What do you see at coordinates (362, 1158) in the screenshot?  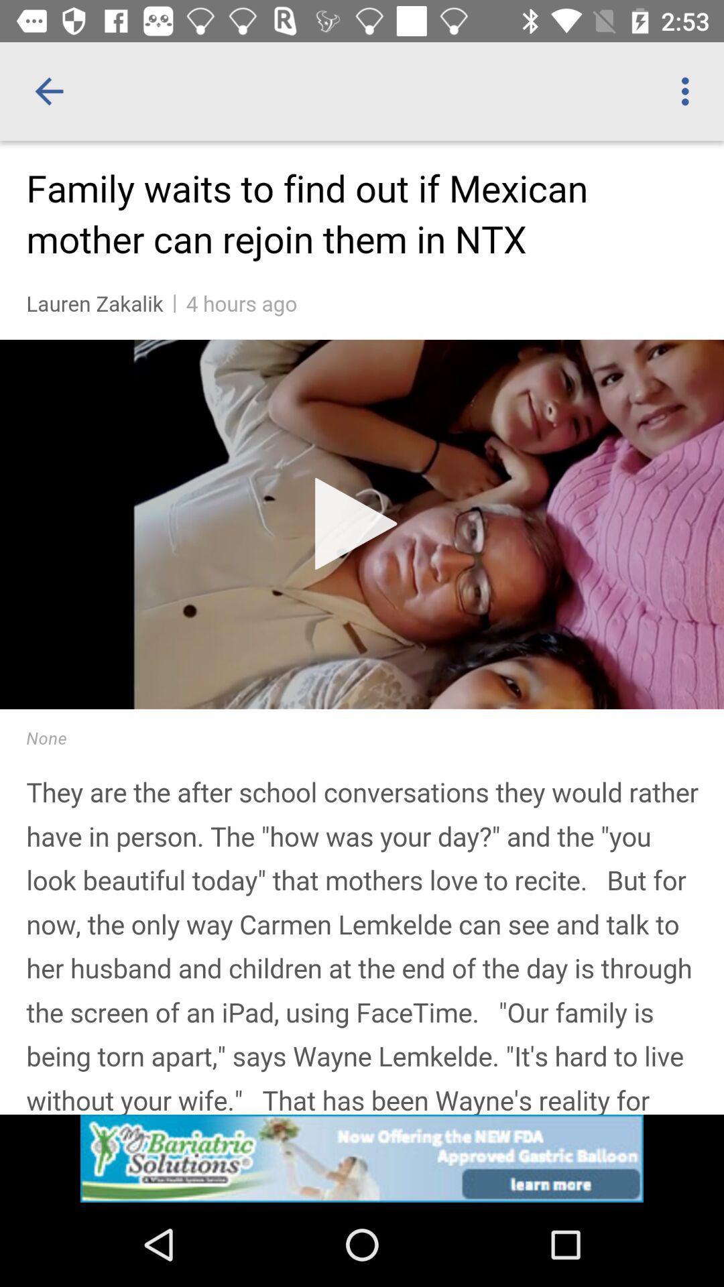 I see `advertisement link` at bounding box center [362, 1158].